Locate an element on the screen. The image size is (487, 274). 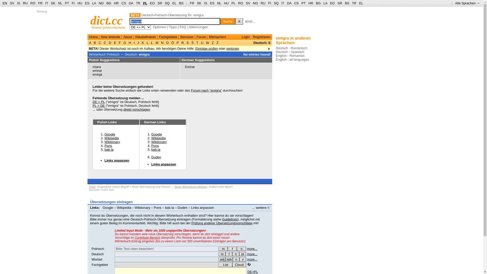
'H' is located at coordinates (130, 42).